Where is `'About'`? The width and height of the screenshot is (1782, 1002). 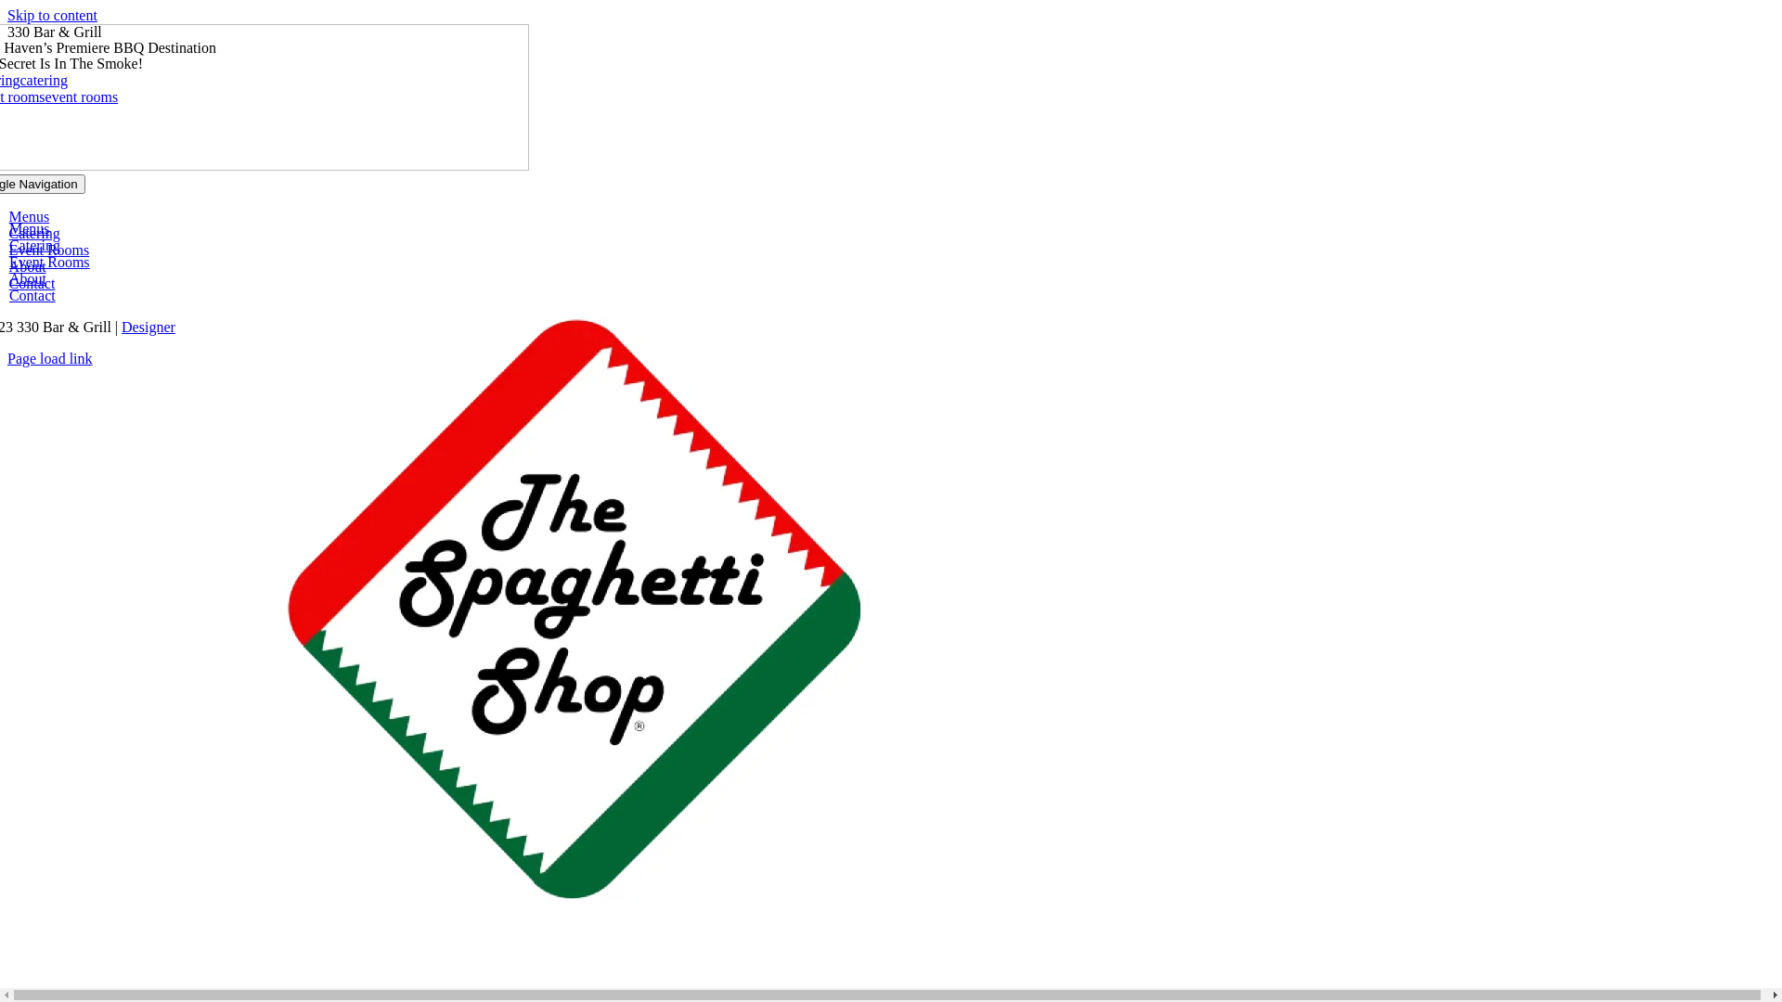
'About' is located at coordinates (8, 278).